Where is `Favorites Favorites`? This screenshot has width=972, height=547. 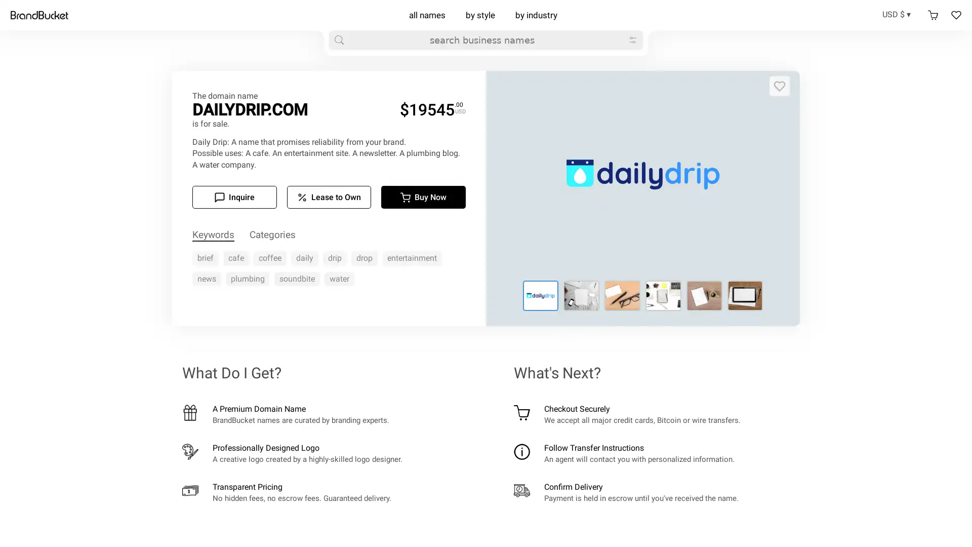
Favorites Favorites is located at coordinates (956, 15).